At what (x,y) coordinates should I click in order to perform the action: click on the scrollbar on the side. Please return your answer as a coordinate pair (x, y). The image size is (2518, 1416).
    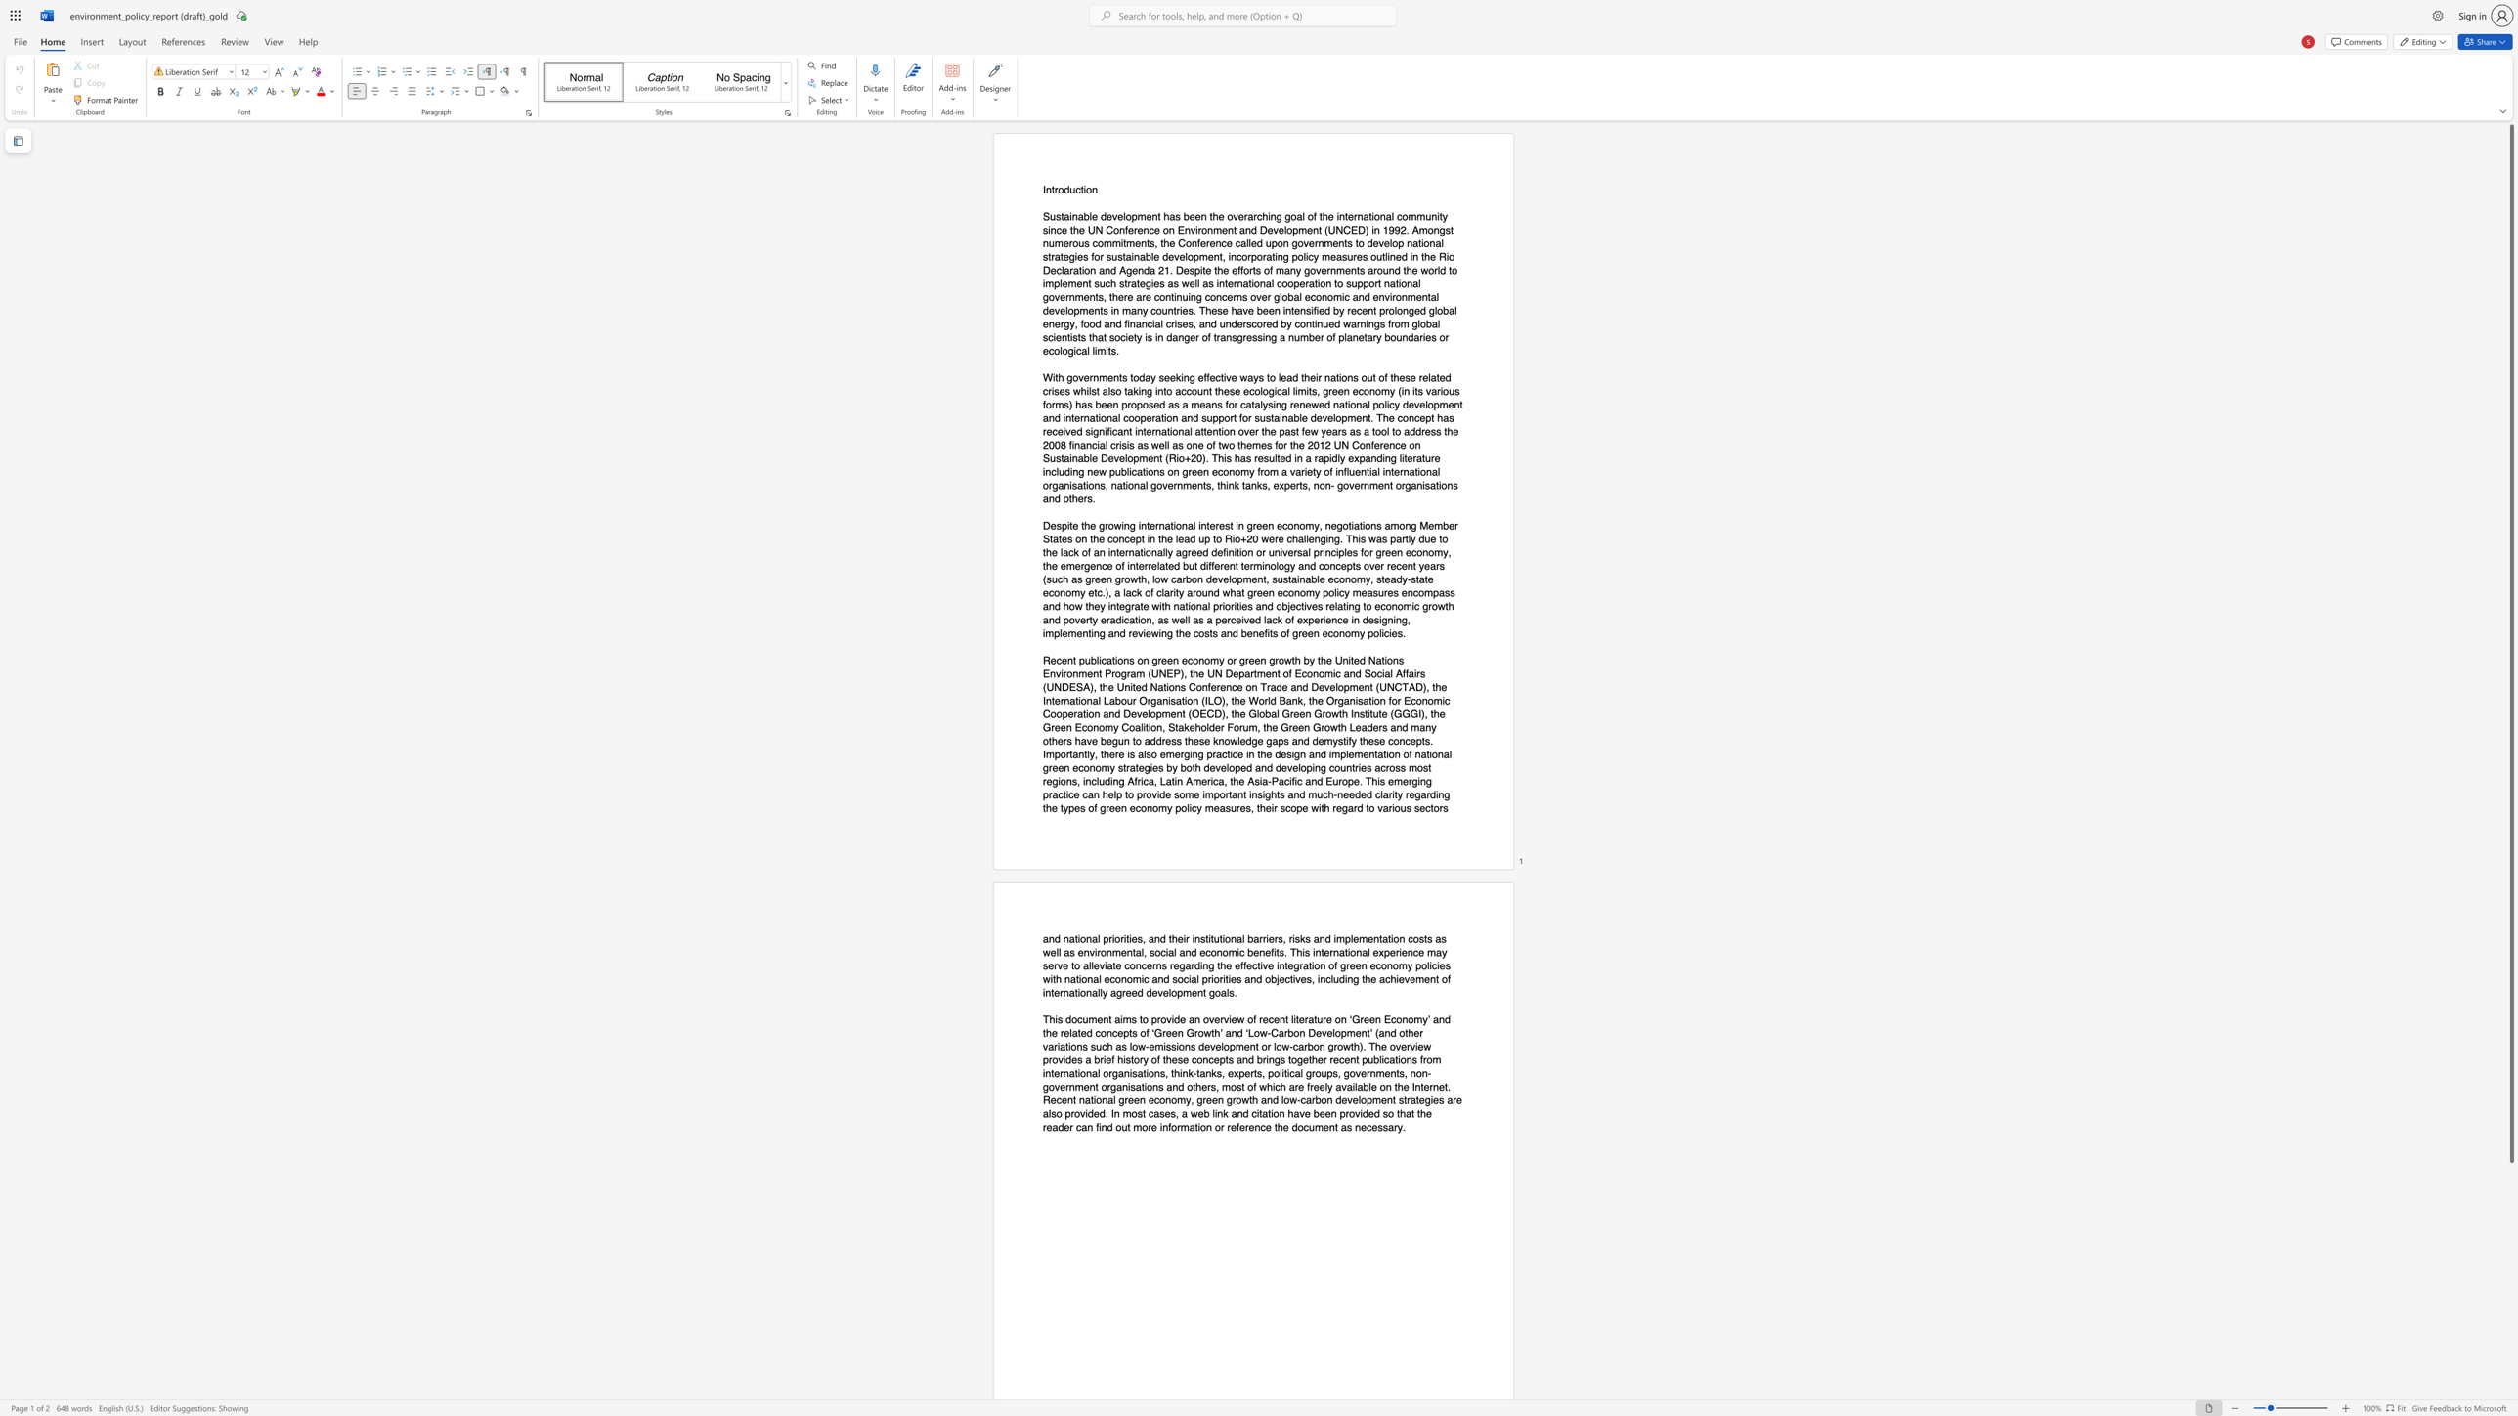
    Looking at the image, I should click on (2510, 1198).